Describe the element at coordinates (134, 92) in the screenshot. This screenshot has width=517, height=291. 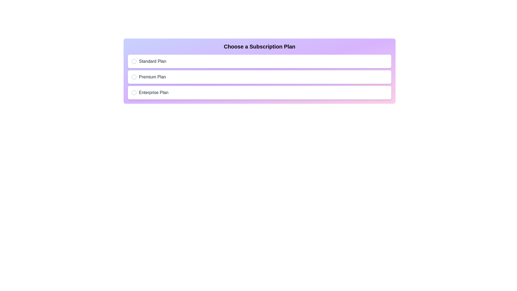
I see `the third radio button labeled 'Enterprise Plan'` at that location.